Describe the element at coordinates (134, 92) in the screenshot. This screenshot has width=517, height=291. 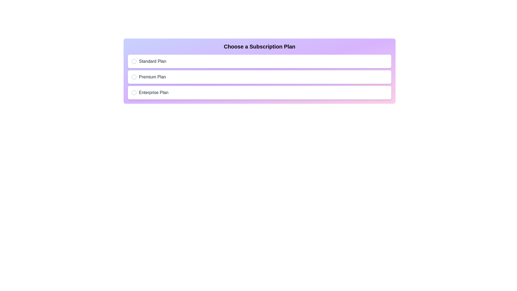
I see `the third radio button labeled 'Enterprise Plan'` at that location.